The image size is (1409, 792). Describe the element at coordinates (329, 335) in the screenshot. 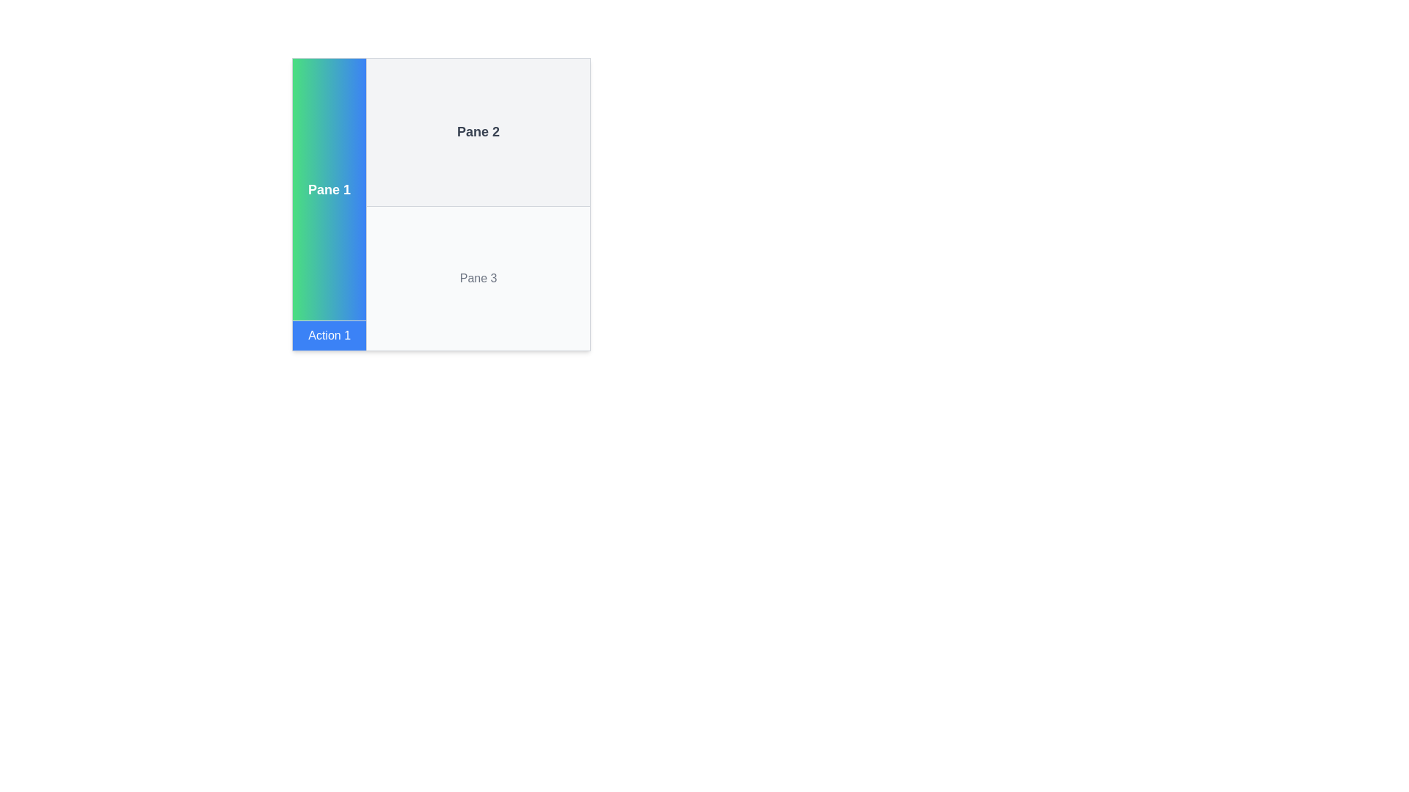

I see `the 'Action 1' button located in the lower section of 'Pane 1'` at that location.